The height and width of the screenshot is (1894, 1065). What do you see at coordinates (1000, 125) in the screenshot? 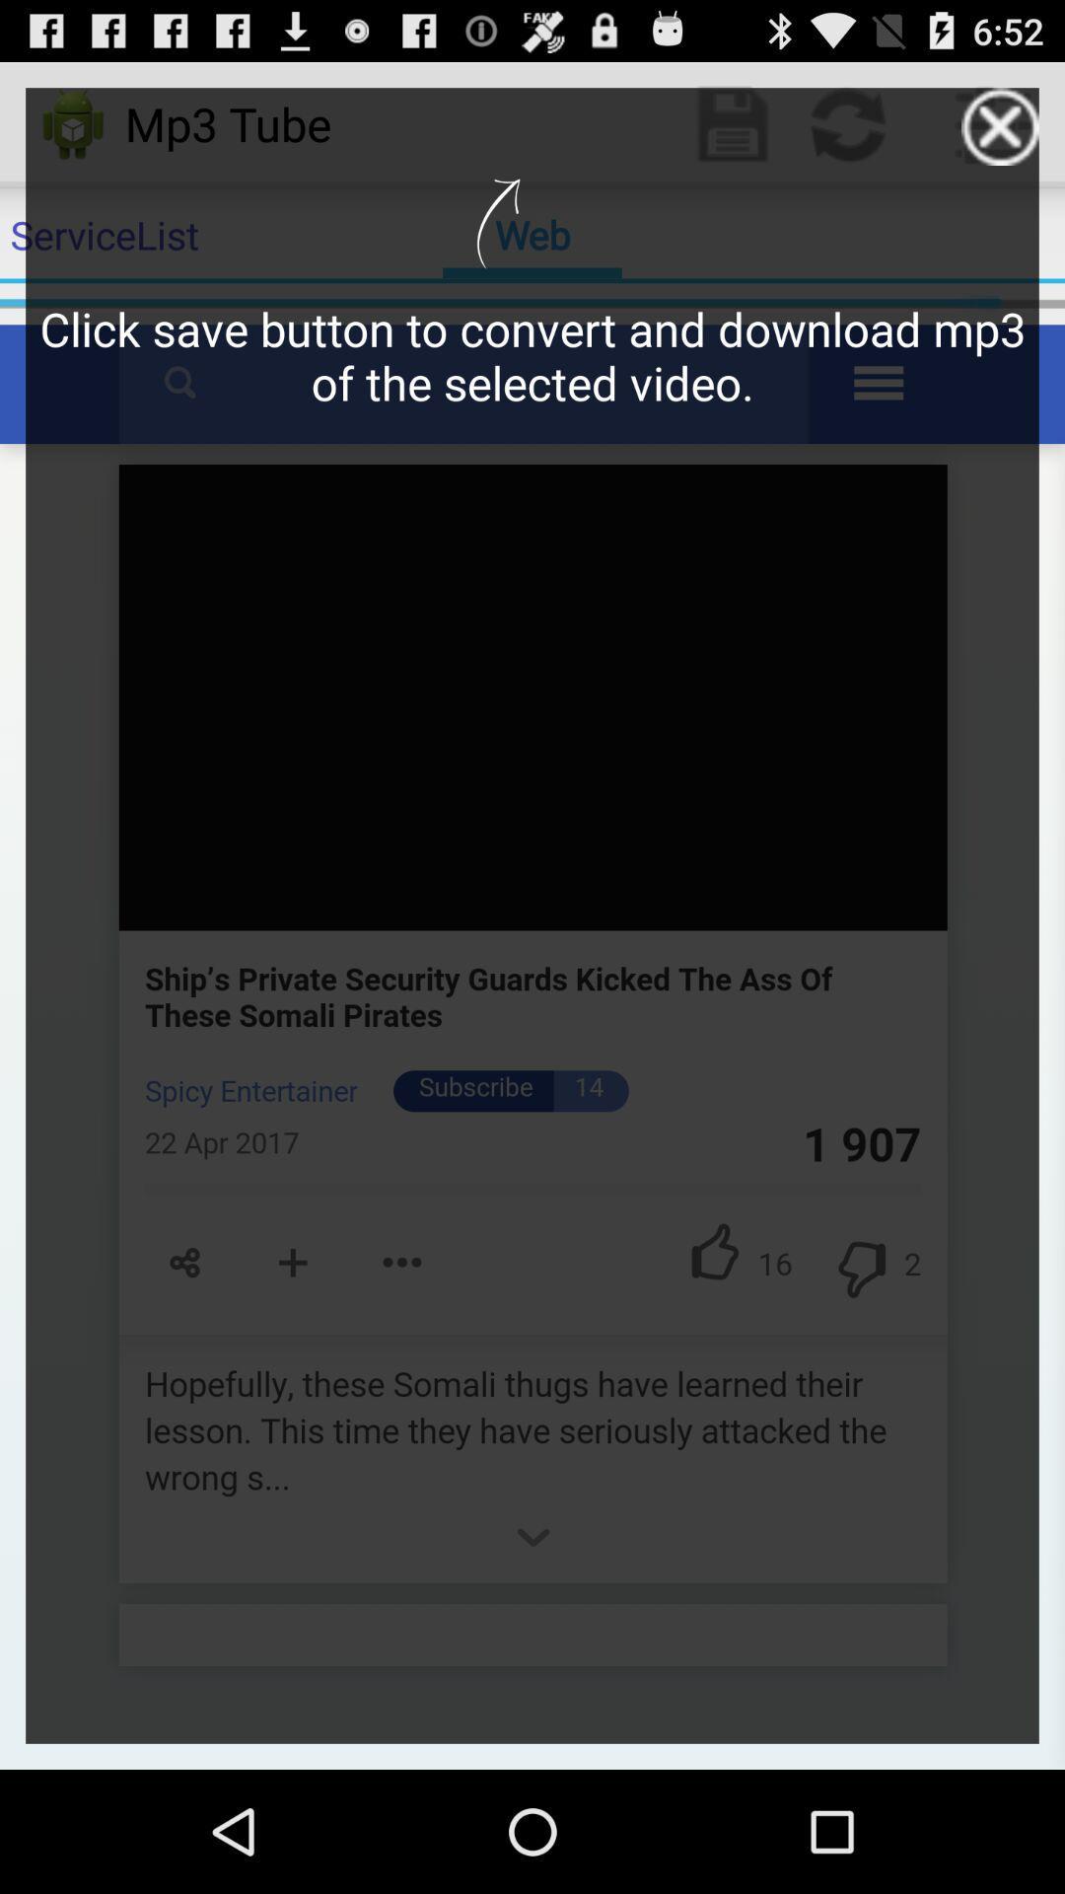
I see `the icon to the right of g app` at bounding box center [1000, 125].